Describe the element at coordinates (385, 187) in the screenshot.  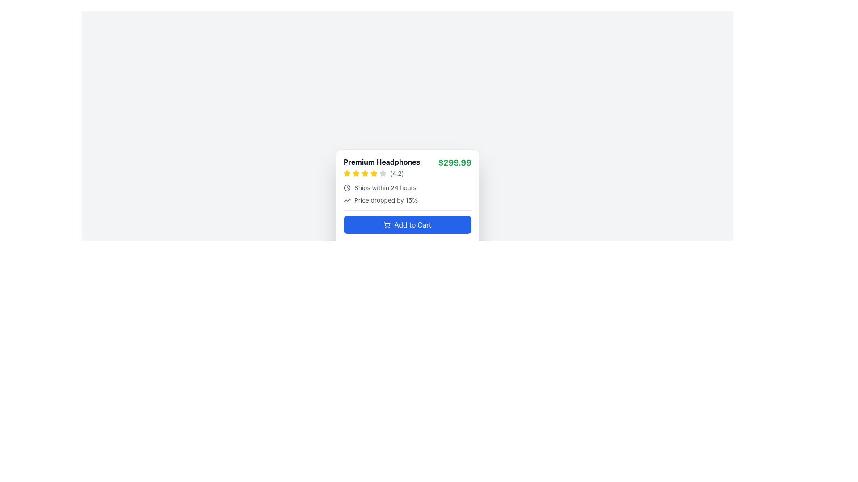
I see `information from the text label that reads 'Ships within 24 hours', which is styled in a smaller font size and is dark gray, located beneath the product title and pricing information` at that location.